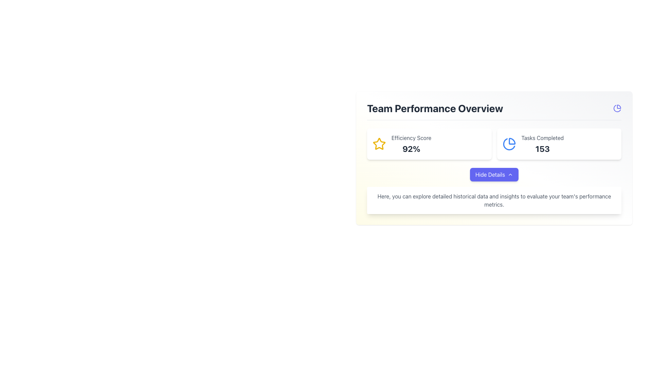 This screenshot has height=367, width=652. What do you see at coordinates (494, 111) in the screenshot?
I see `the text element displaying 'Team Performance Overview'` at bounding box center [494, 111].